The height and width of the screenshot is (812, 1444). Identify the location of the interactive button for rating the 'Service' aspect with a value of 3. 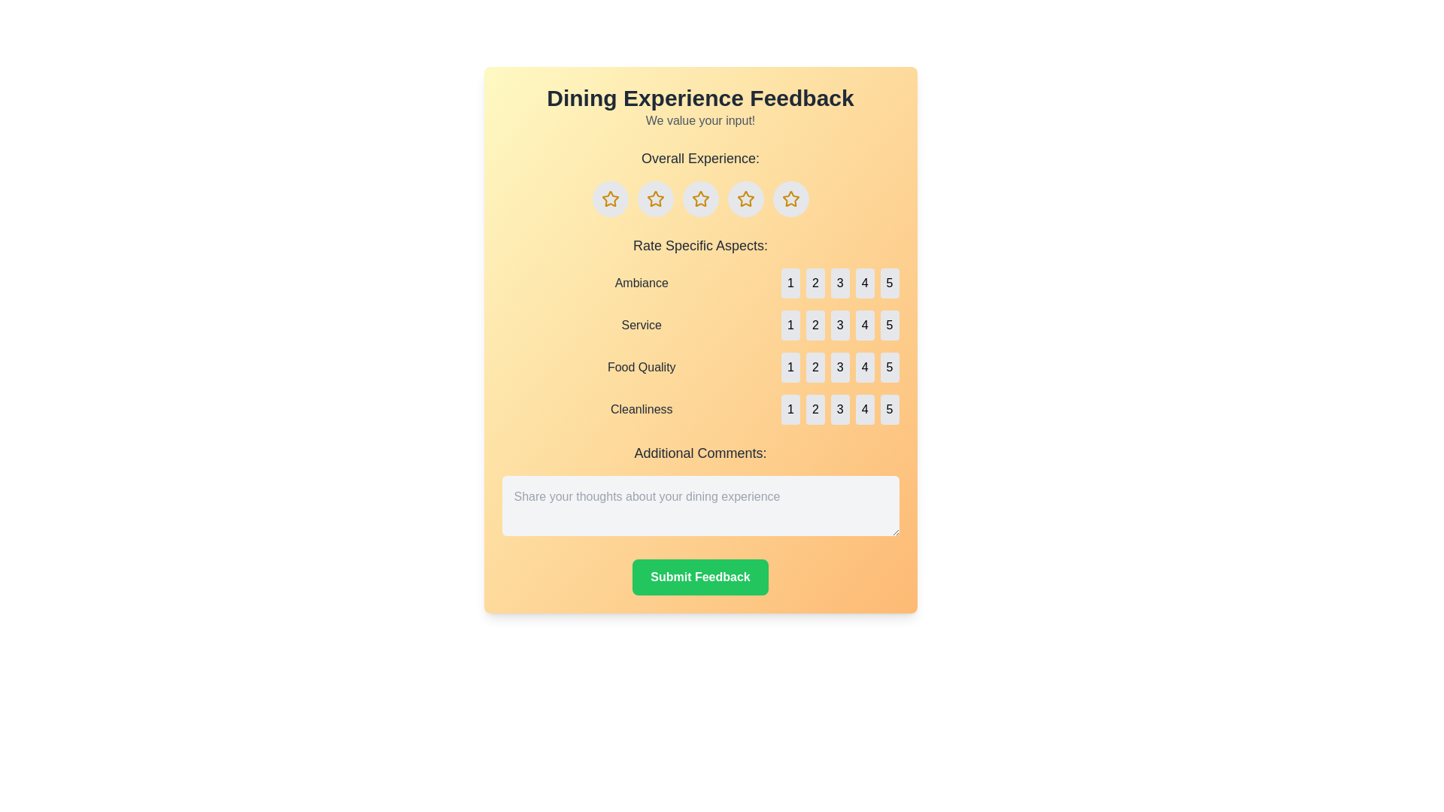
(839, 324).